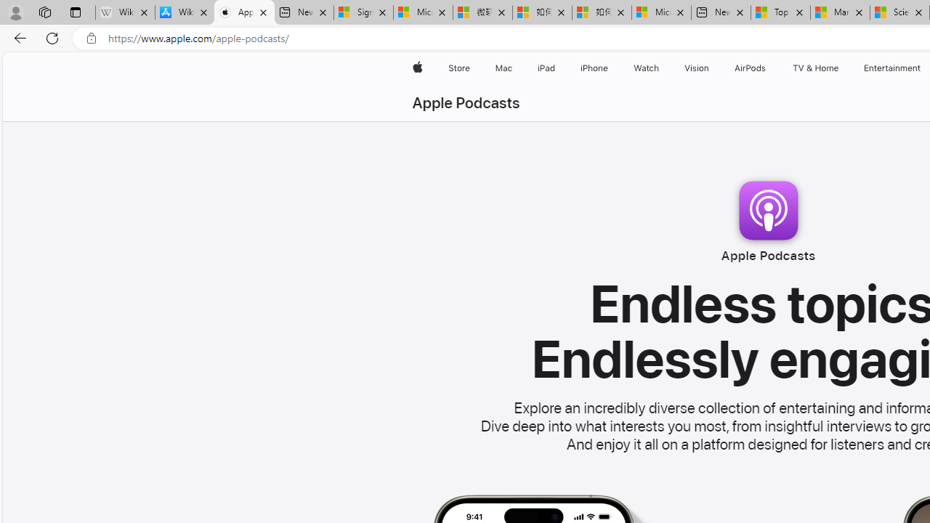  Describe the element at coordinates (891, 68) in the screenshot. I see `'Entertainment'` at that location.